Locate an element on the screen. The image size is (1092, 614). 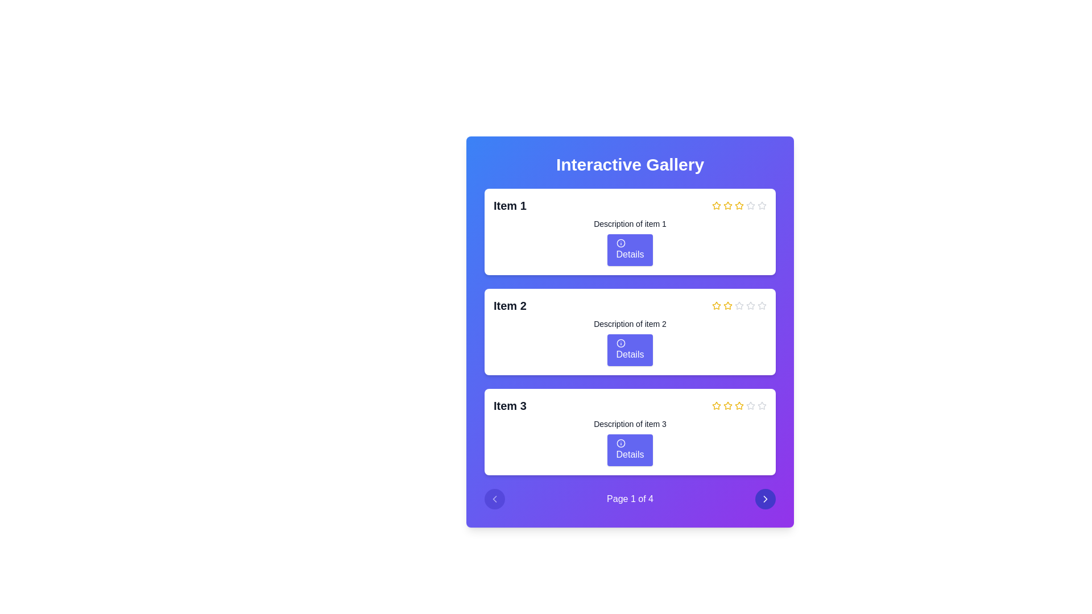
the navigation icon located in the circular button at the bottom-left corner of the interface is located at coordinates (494, 499).